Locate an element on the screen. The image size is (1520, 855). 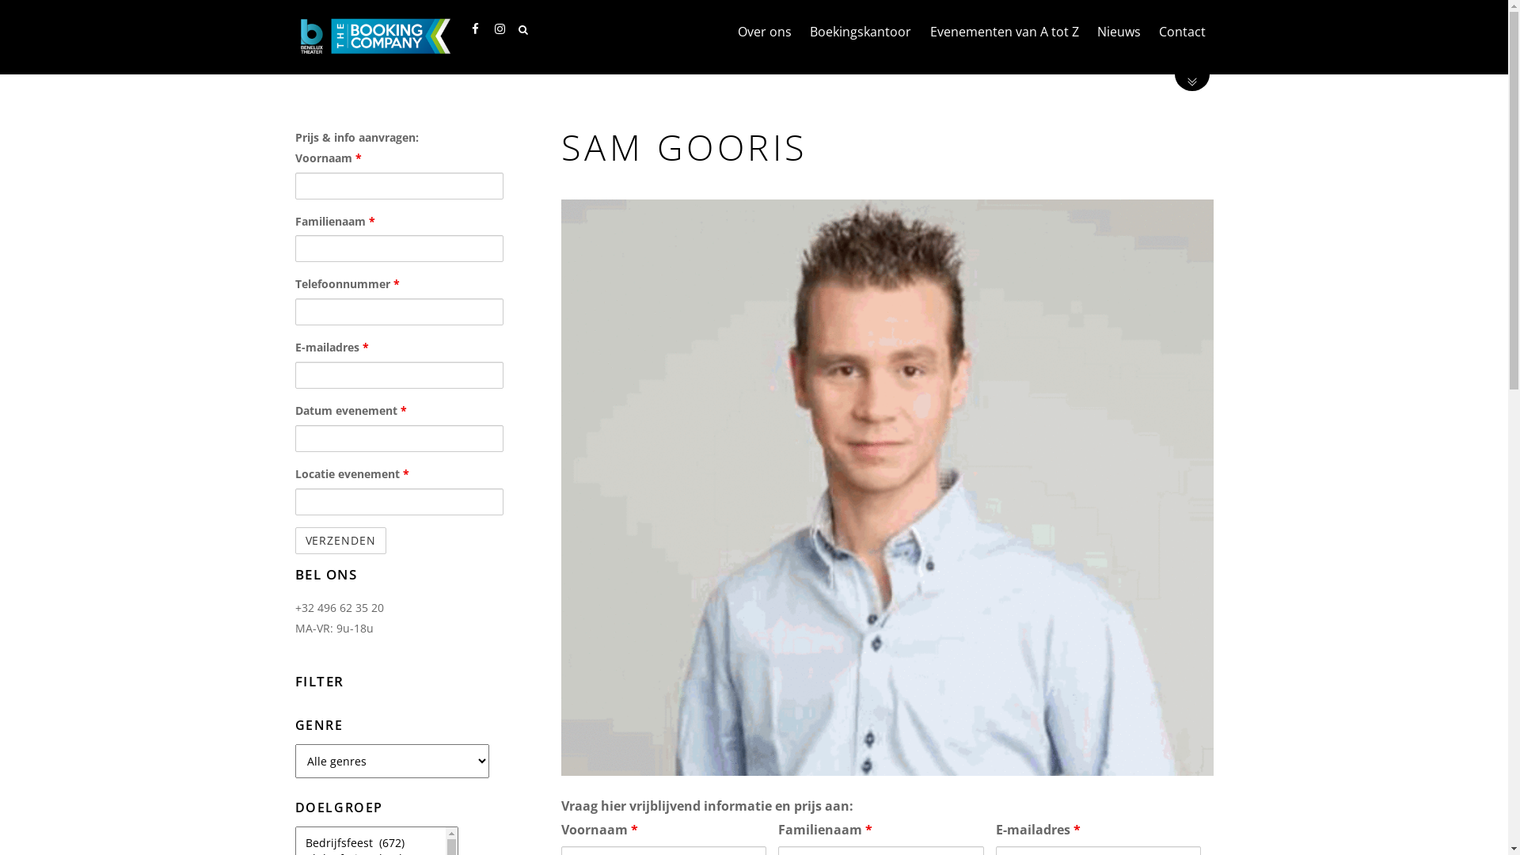
'Evenementen van A tot Z' is located at coordinates (1003, 32).